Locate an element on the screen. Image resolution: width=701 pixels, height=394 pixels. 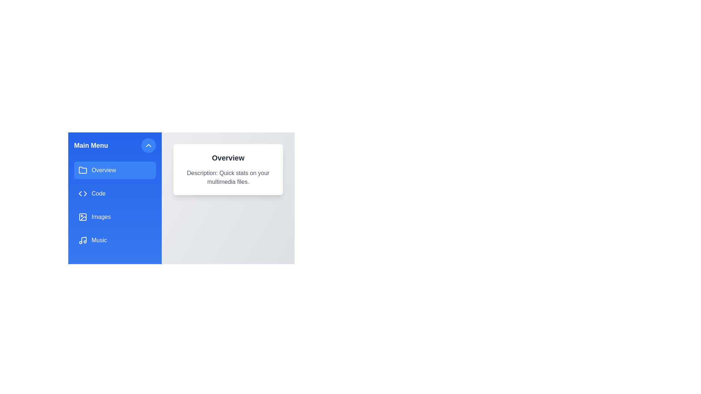
the chevron icon located at the top-right corner of the vertical navigation menu, which is part of a circular button highlighted in blue is located at coordinates (148, 145).